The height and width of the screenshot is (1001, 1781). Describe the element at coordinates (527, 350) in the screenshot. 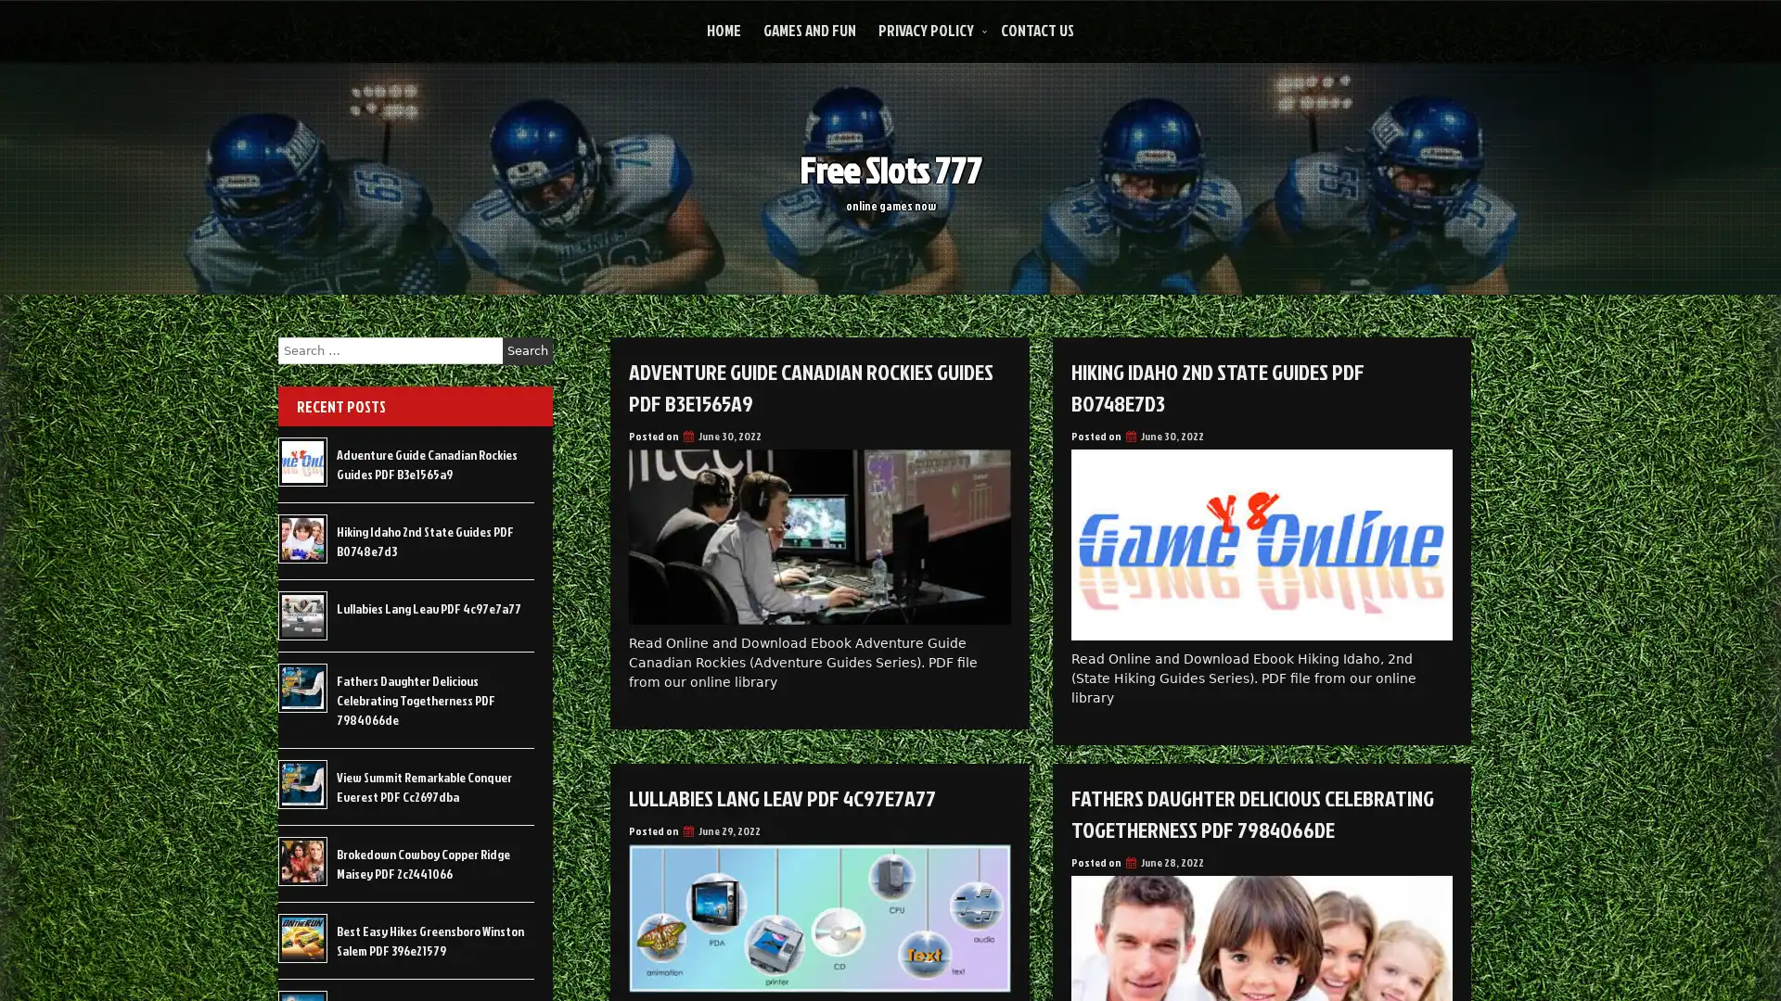

I see `Search` at that location.